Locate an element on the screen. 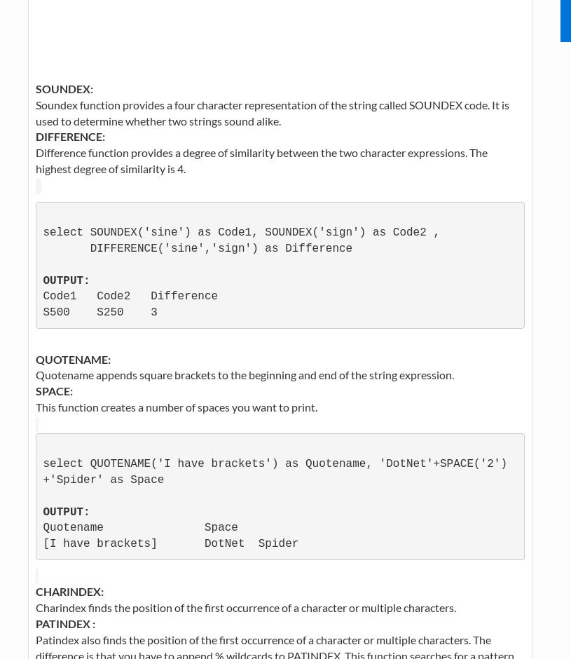  'Quotename appends square brackets to the beginning and end of the string expression.' is located at coordinates (244, 374).